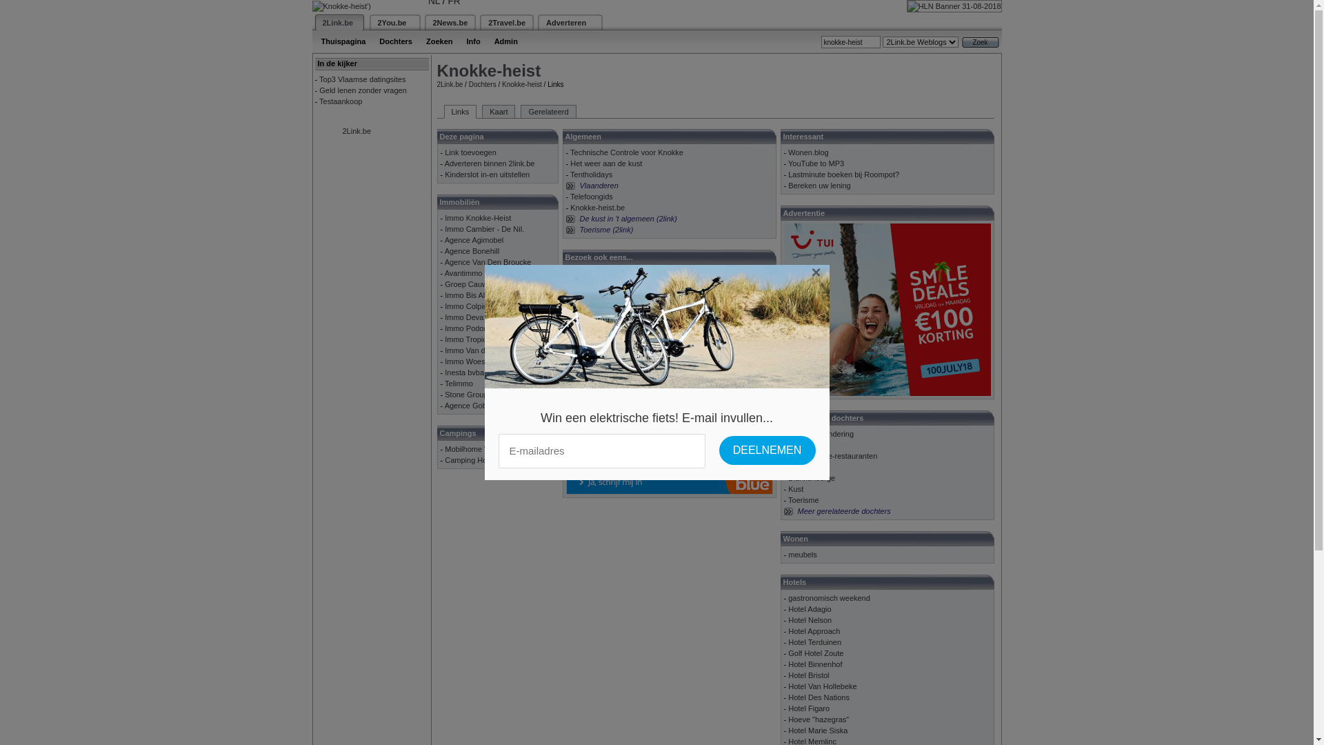 This screenshot has width=1324, height=745. Describe the element at coordinates (463, 317) in the screenshot. I see `'Immo Deva'` at that location.